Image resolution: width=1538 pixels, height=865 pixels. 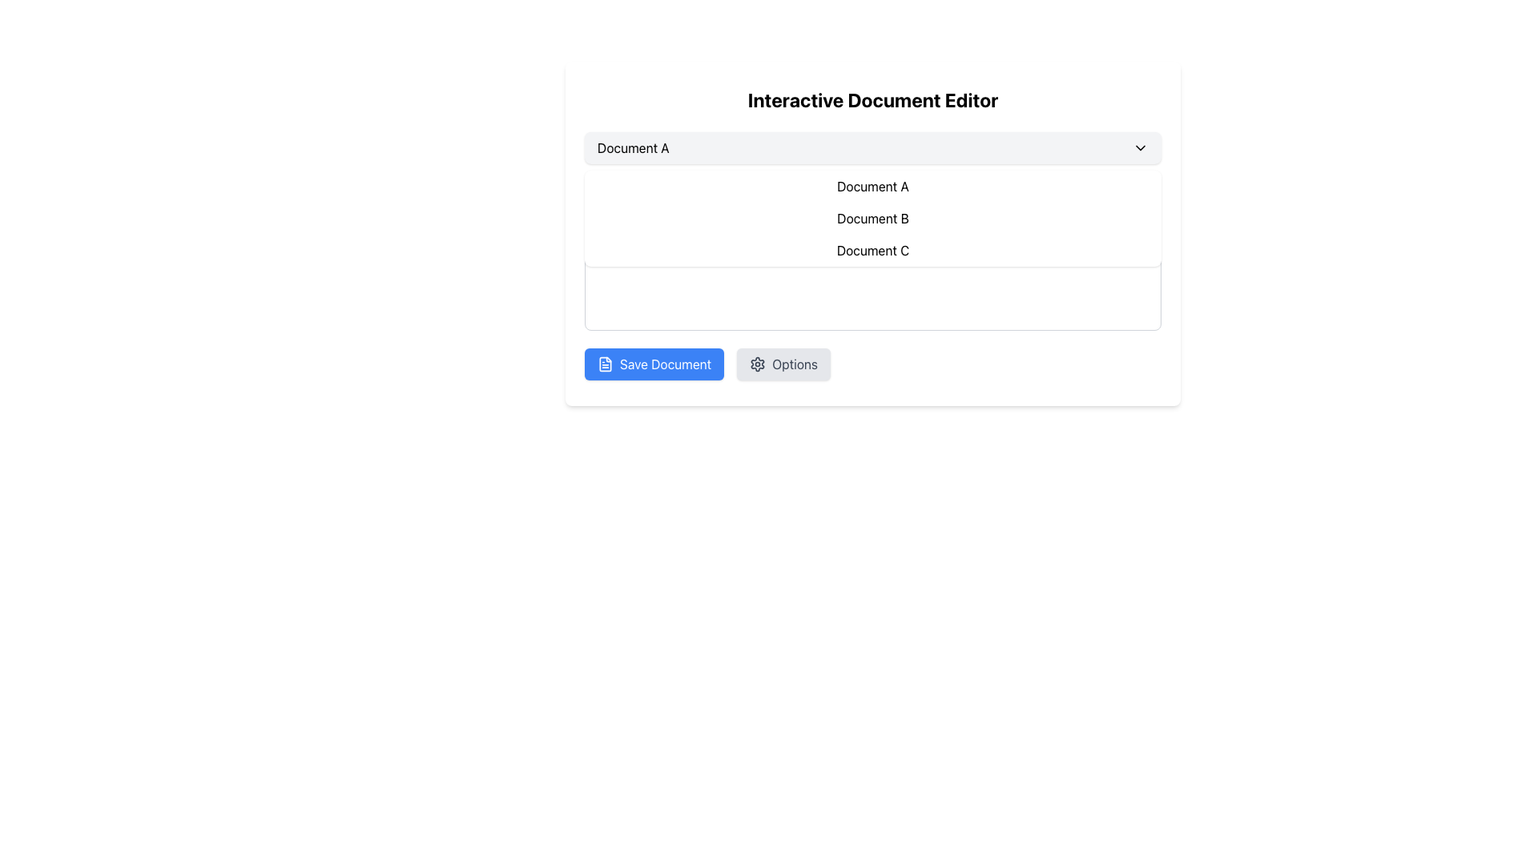 I want to click on the second item in the dropdown menu, so click(x=872, y=234).